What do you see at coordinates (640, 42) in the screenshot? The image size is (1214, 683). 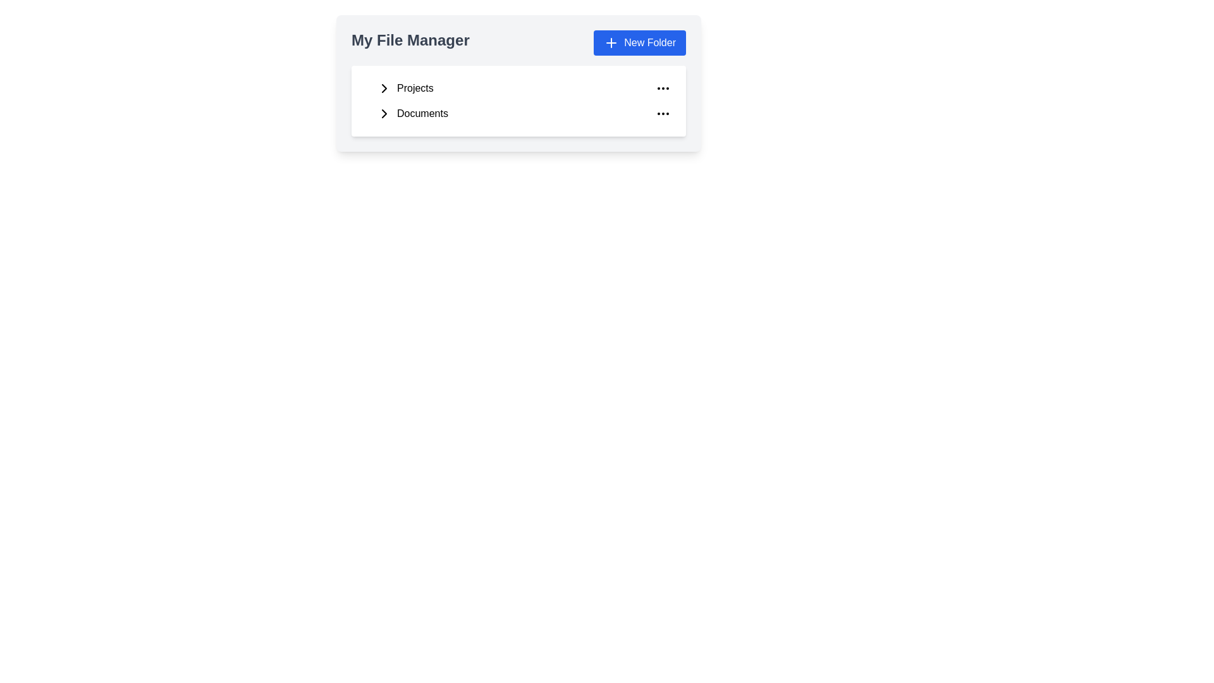 I see `the 'Create New Folder' button located at the top right of the 'My File Manager' section` at bounding box center [640, 42].